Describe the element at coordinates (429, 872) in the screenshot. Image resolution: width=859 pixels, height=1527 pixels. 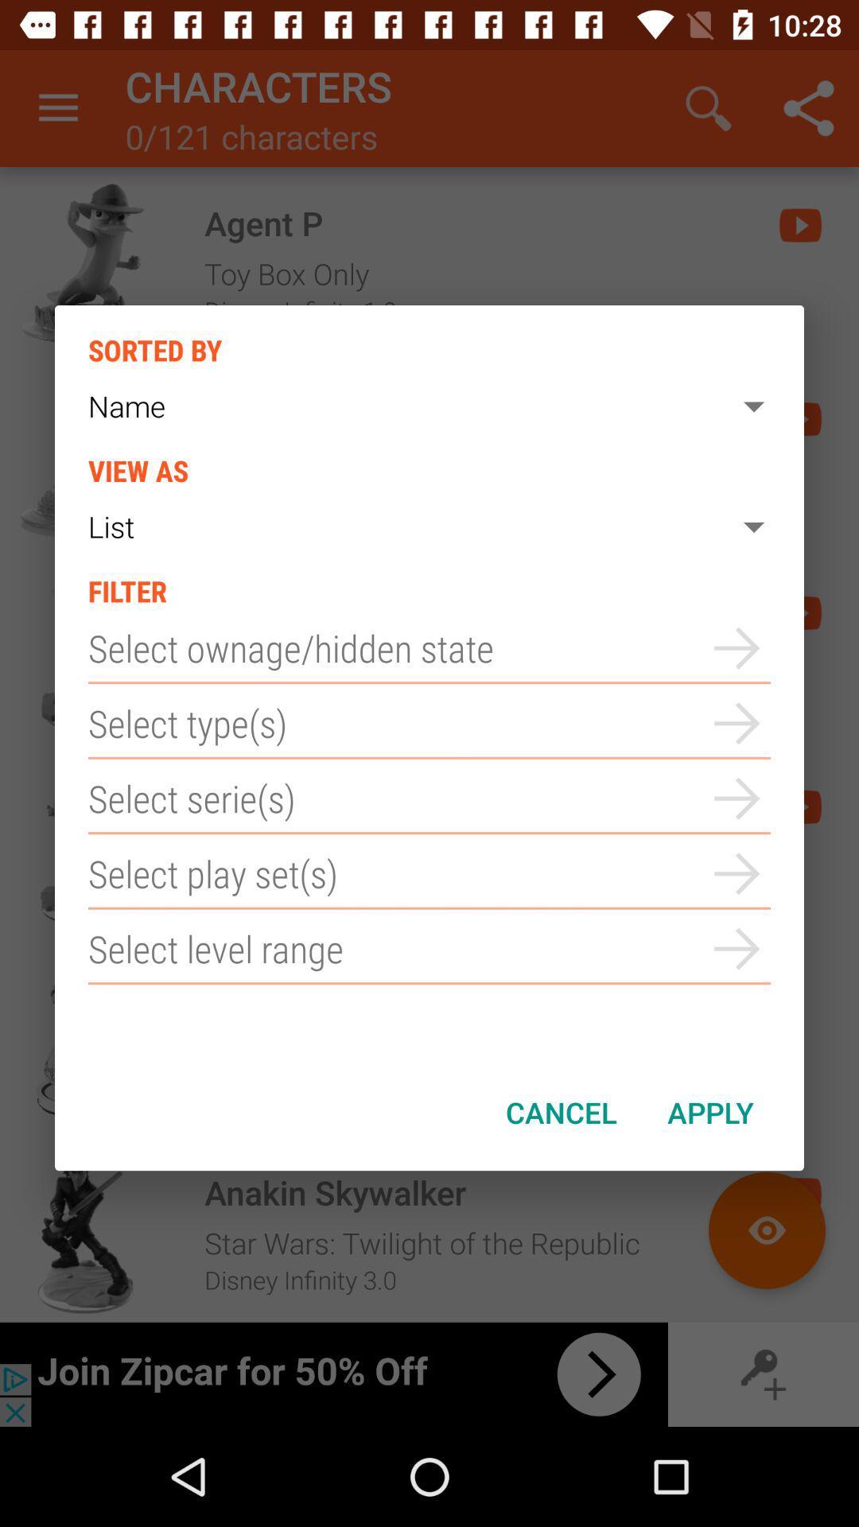
I see `search box` at that location.